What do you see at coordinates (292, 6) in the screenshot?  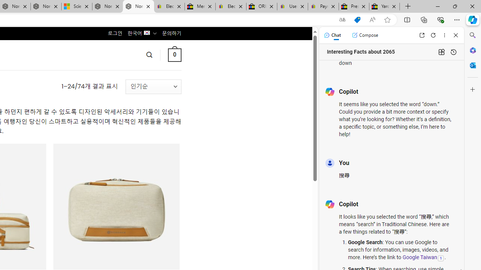 I see `'User Privacy Notice | eBay'` at bounding box center [292, 6].